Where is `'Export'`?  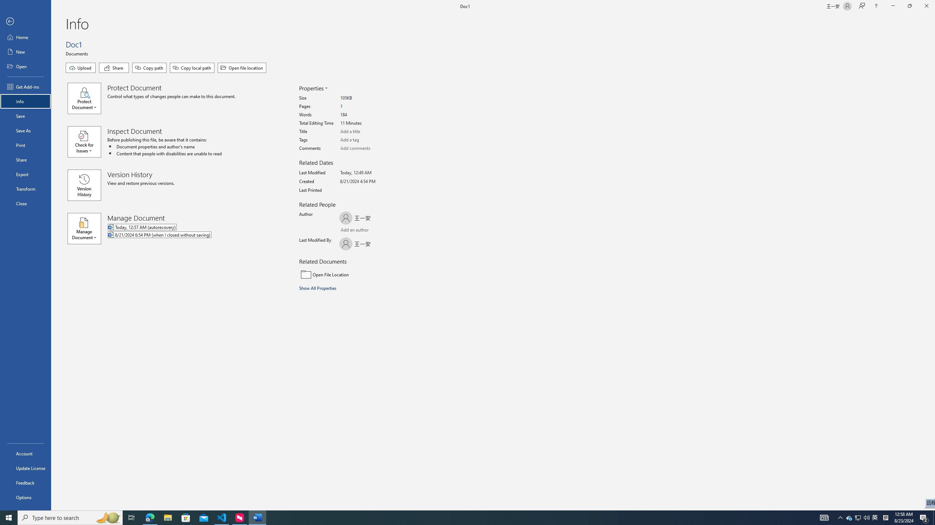 'Export' is located at coordinates (25, 174).